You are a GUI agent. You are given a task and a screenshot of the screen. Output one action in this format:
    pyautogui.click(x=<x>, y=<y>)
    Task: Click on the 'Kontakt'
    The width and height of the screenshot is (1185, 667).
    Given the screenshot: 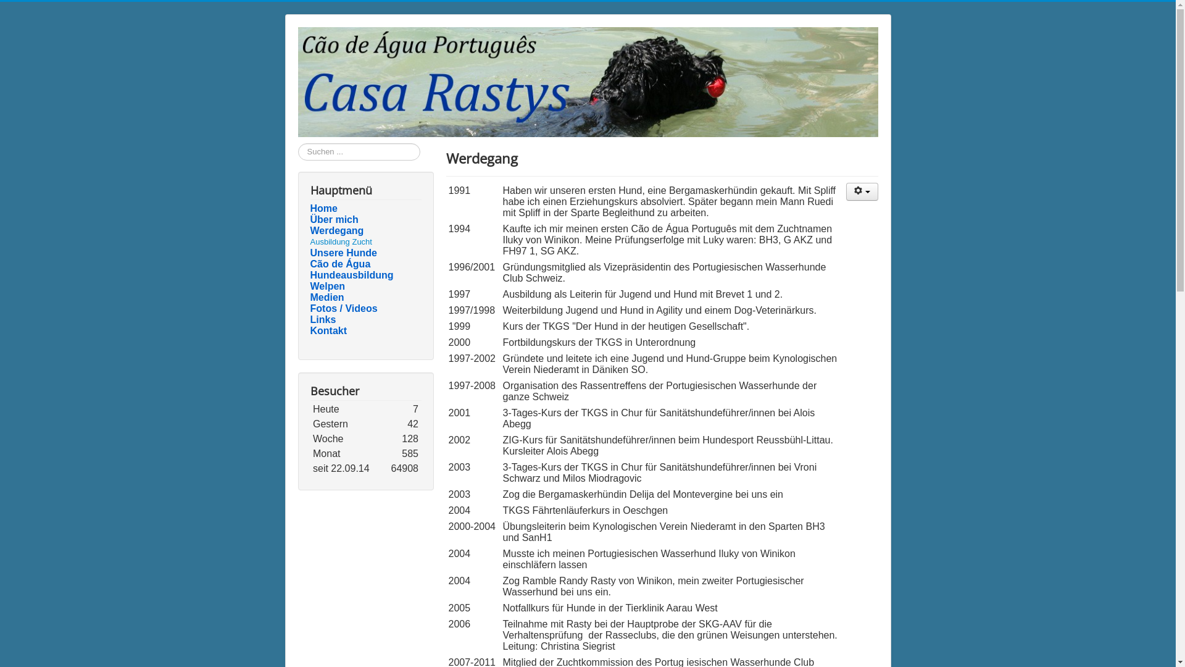 What is the action you would take?
    pyautogui.click(x=364, y=330)
    